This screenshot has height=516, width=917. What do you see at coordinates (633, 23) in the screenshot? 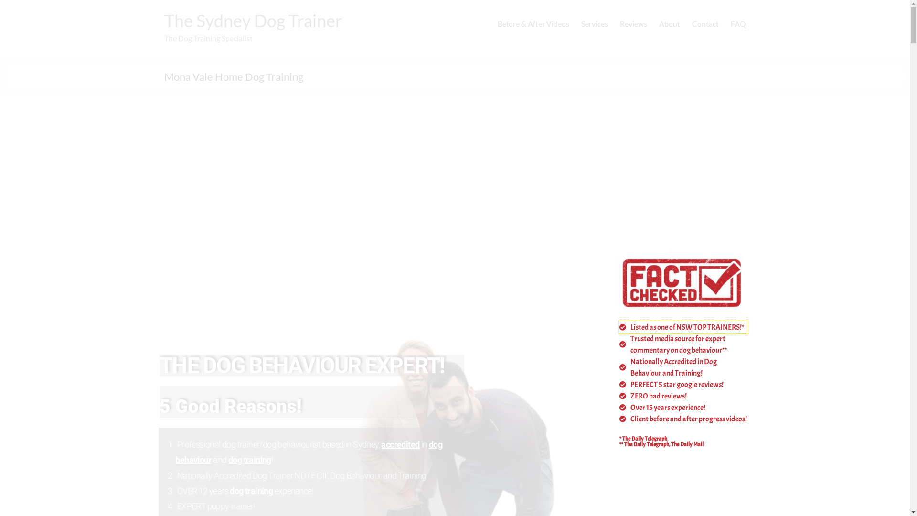
I see `'Reviews'` at bounding box center [633, 23].